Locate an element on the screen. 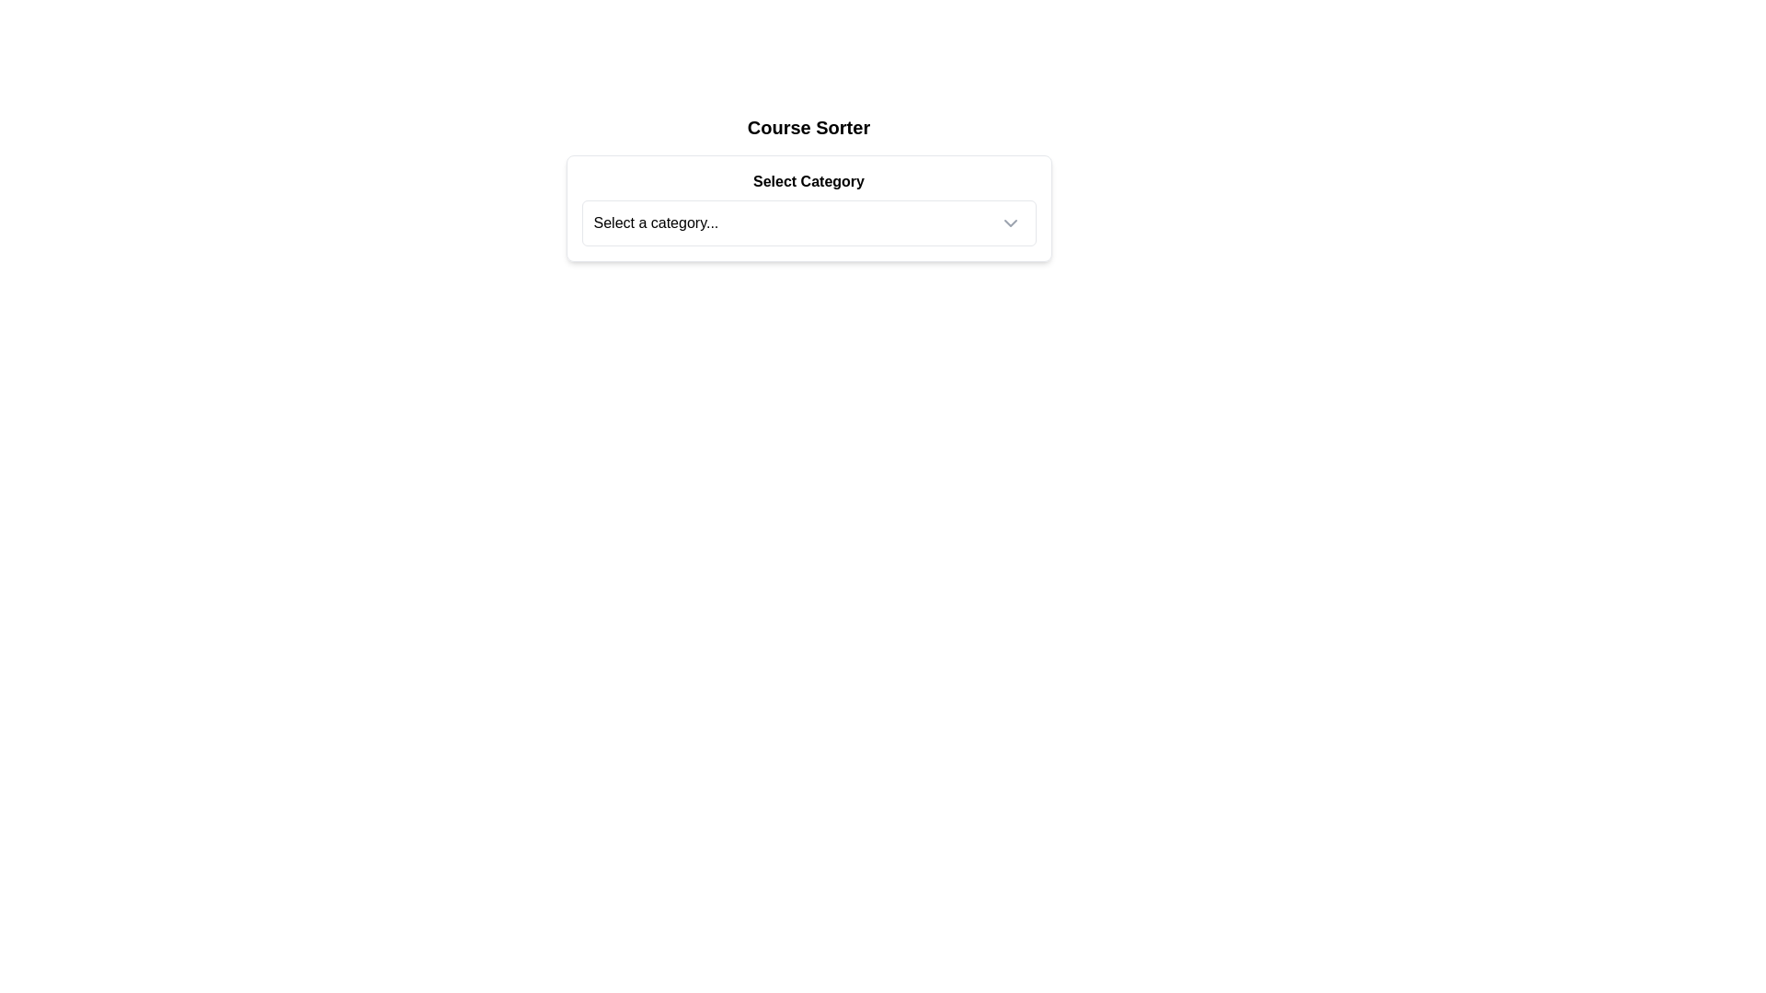 This screenshot has height=993, width=1766. the downwards facing chevron icon that indicates the dropdown expand/collapse functionality is located at coordinates (1009, 223).